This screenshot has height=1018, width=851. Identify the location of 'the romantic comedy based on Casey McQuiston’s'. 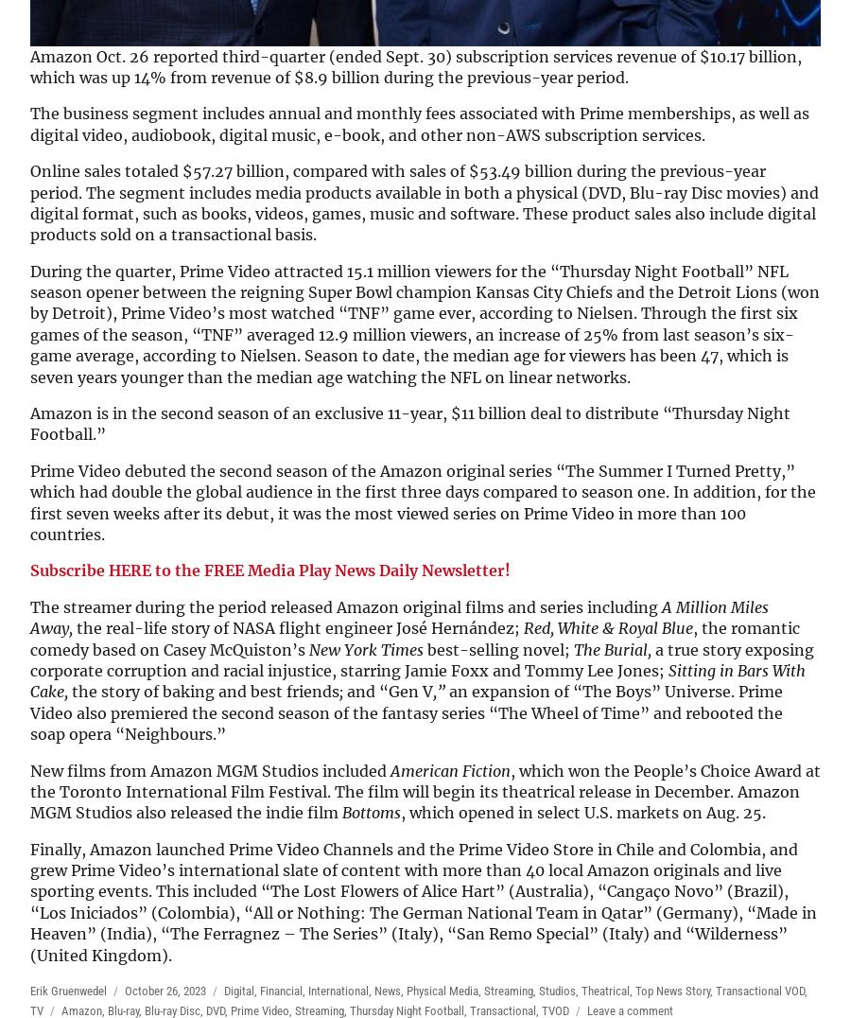
(415, 638).